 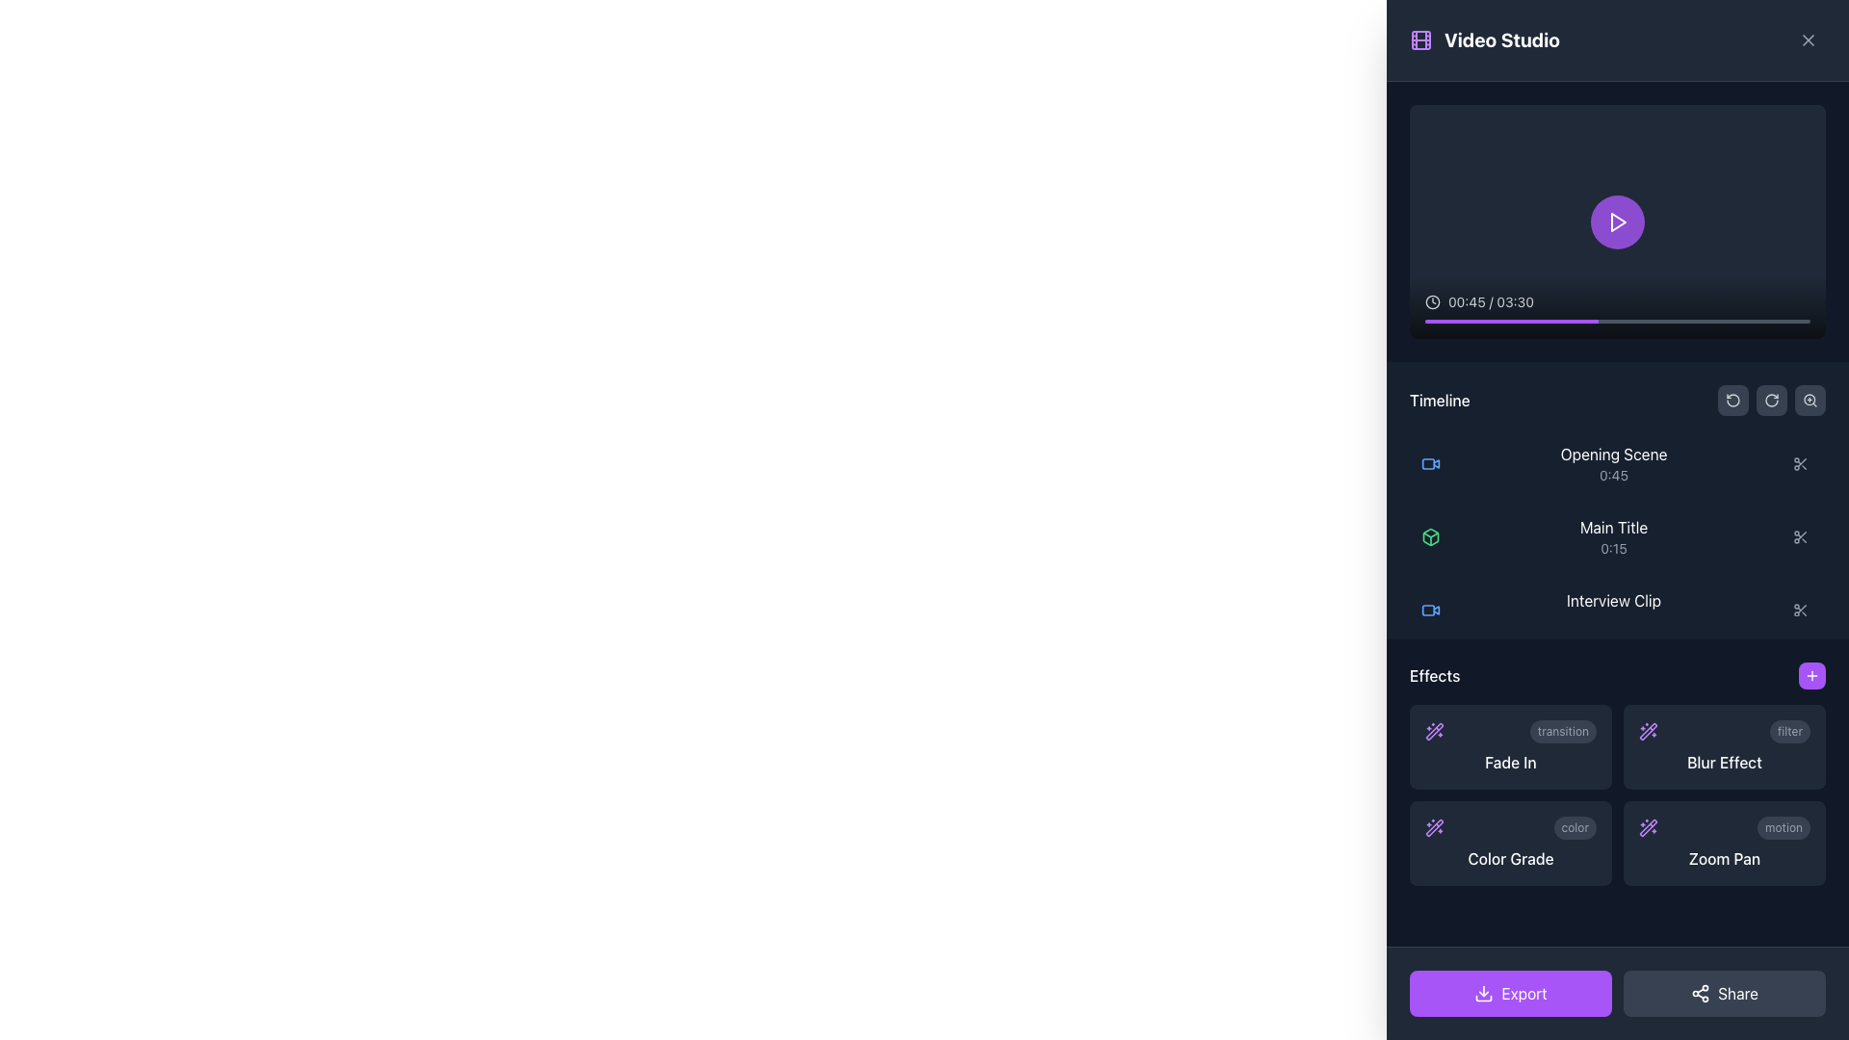 I want to click on the 'Blur Effect' text label in the Effects section, so click(x=1724, y=761).